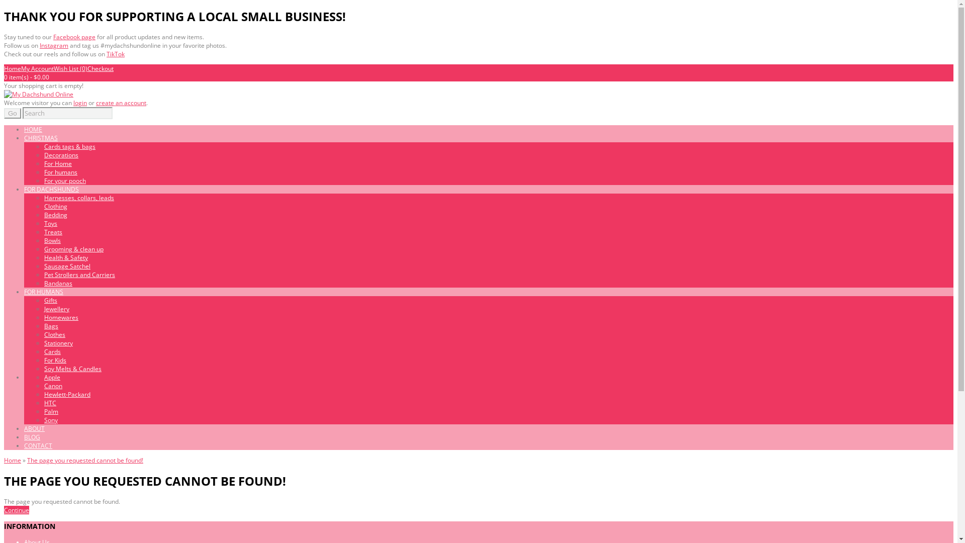 The width and height of the screenshot is (965, 543). Describe the element at coordinates (69, 146) in the screenshot. I see `'Cards tags & bags'` at that location.